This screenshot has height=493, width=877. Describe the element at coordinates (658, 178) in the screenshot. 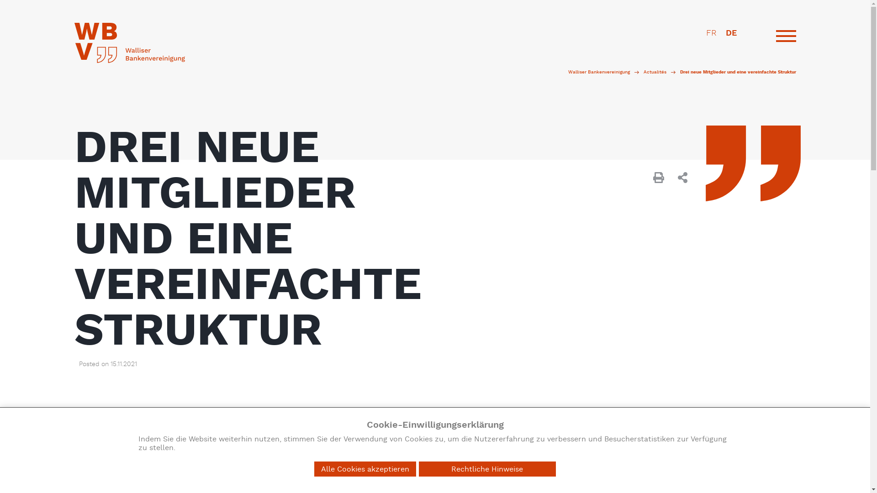

I see `'Print "Drei neue Mitglieder und eine vereinfachte Struktur"'` at that location.